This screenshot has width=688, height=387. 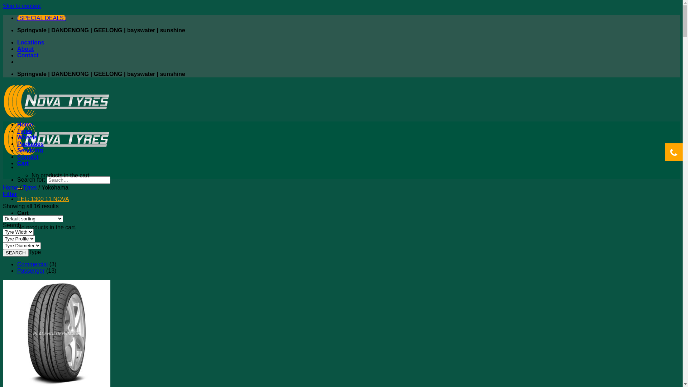 What do you see at coordinates (43, 199) in the screenshot?
I see `'TEL: 1300 11 NOVA'` at bounding box center [43, 199].